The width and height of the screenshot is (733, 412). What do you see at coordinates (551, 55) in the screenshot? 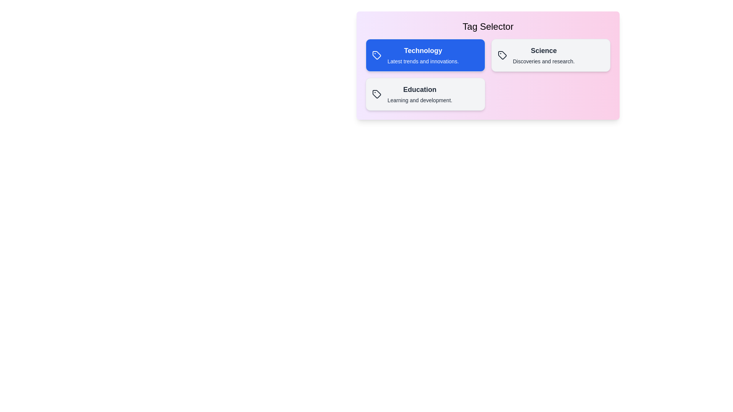
I see `the tag Science to toggle its selection status` at bounding box center [551, 55].